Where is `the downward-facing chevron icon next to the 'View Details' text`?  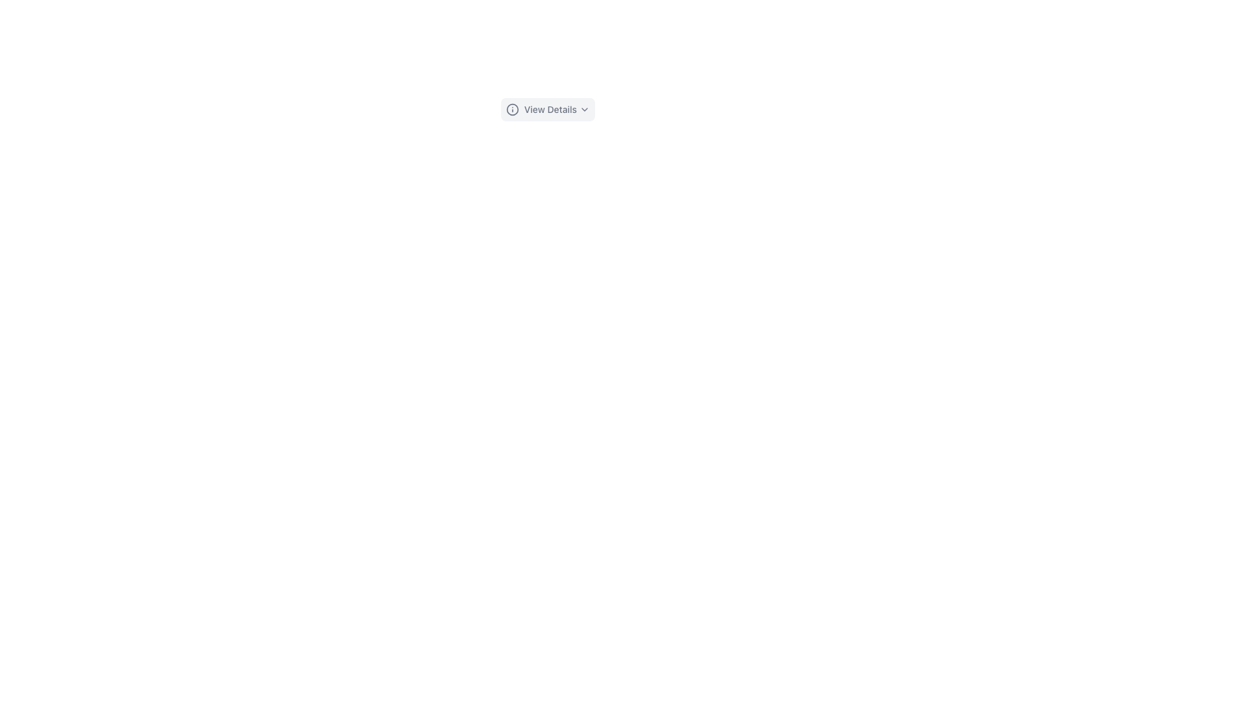 the downward-facing chevron icon next to the 'View Details' text is located at coordinates (584, 109).